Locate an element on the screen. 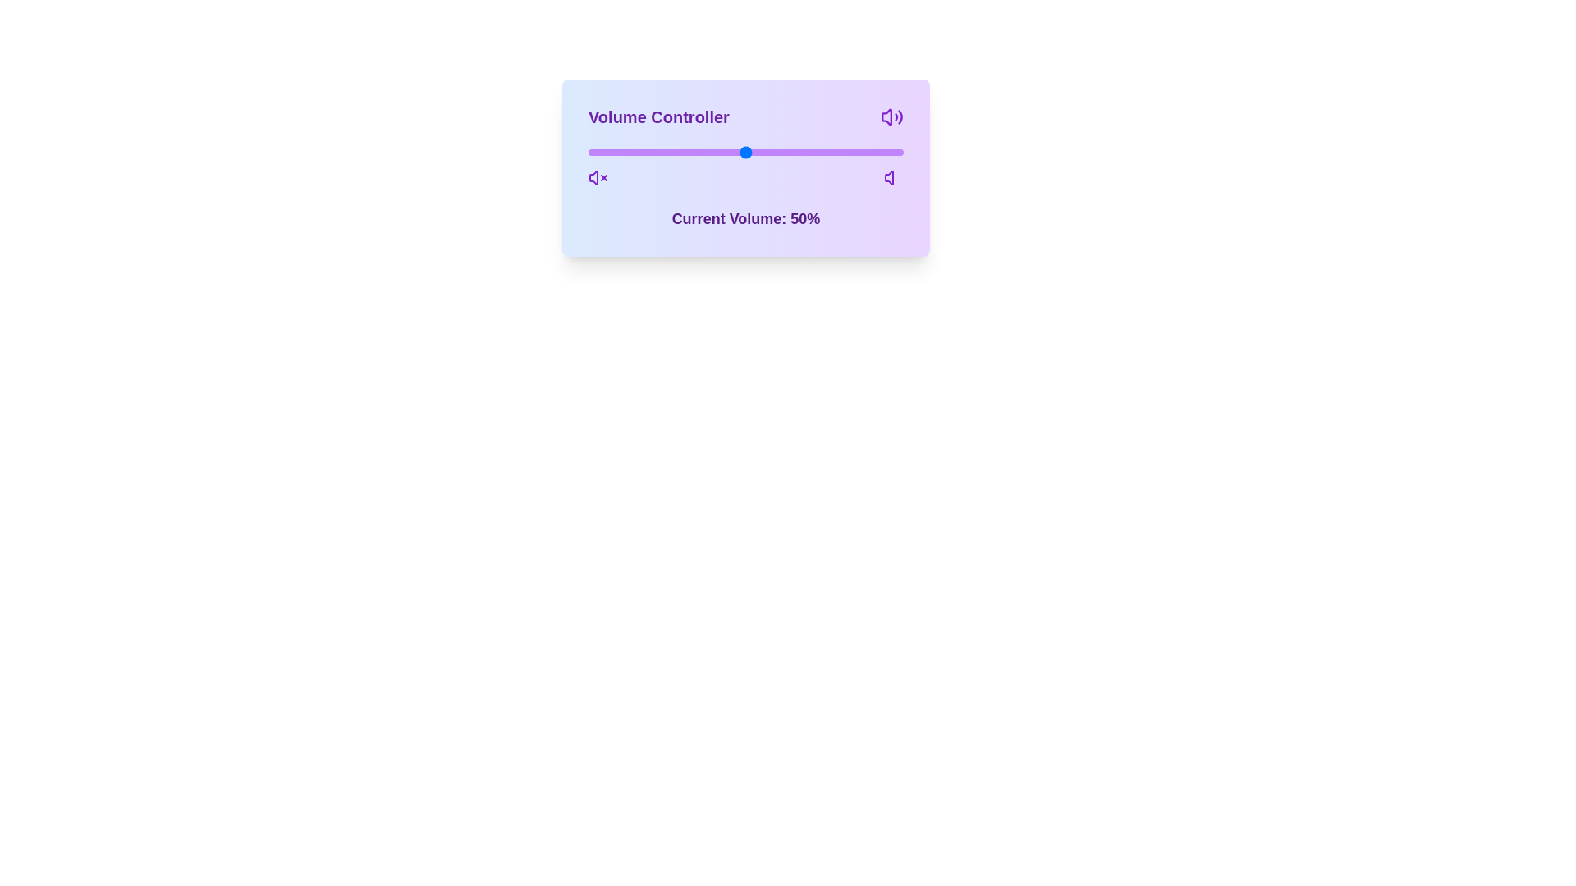 Image resolution: width=1576 pixels, height=886 pixels. the volume slider to 7% is located at coordinates (609, 152).